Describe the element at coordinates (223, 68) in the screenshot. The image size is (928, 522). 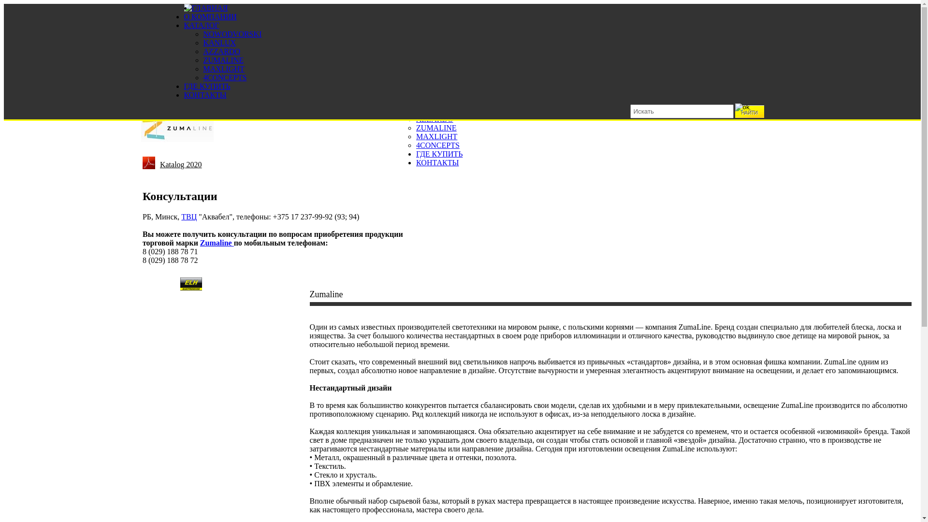
I see `'MAXLIGHT'` at that location.